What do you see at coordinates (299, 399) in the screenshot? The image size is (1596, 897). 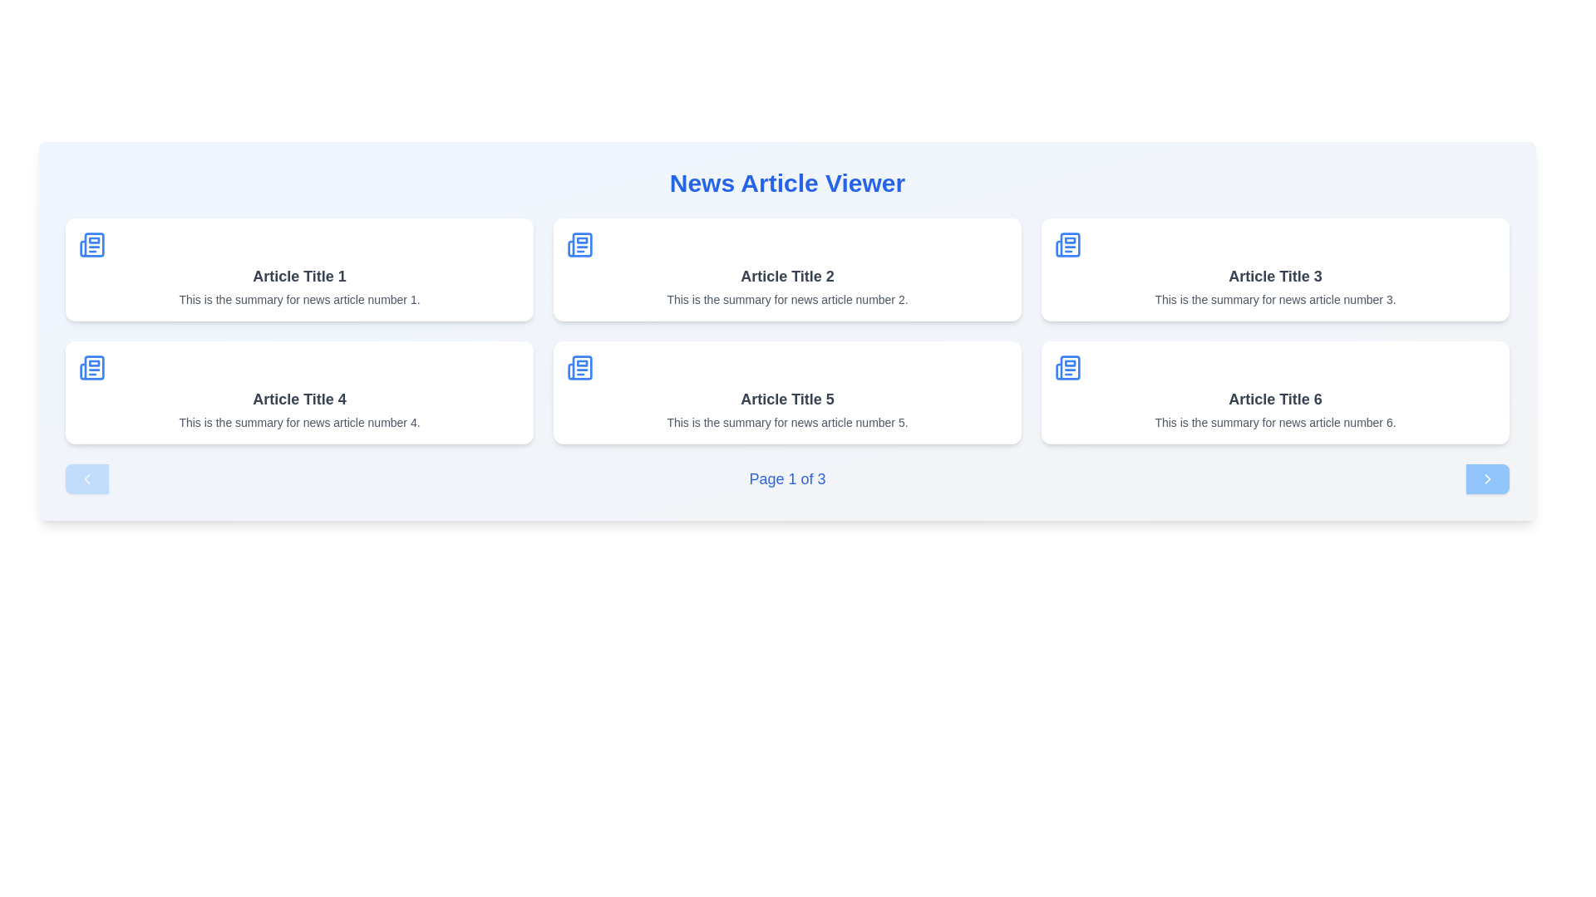 I see `the headline text of the article represented by the second card in the second row of the grid layout` at bounding box center [299, 399].